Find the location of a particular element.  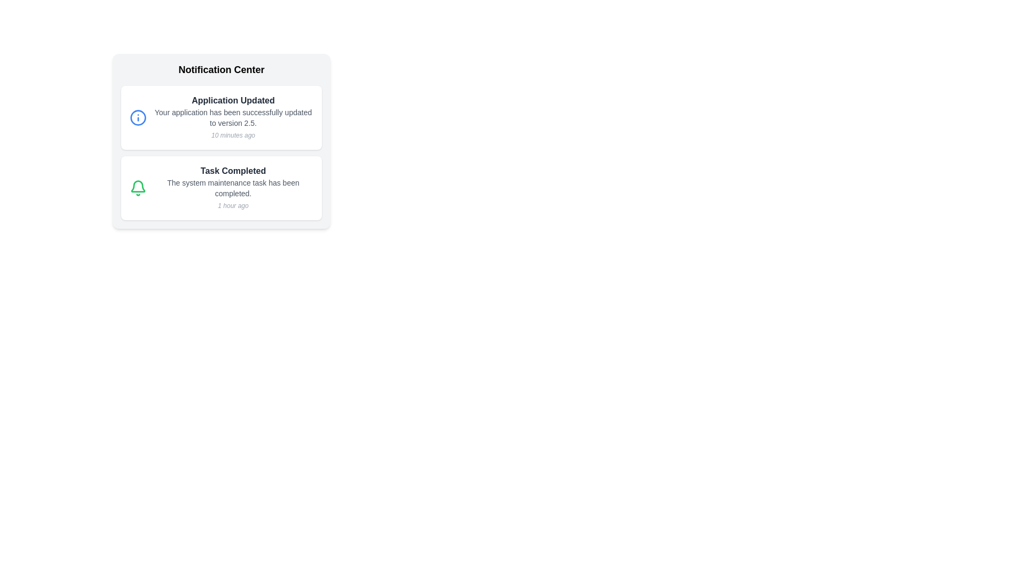

the text label that reads 'The system maintenance task has been completed.' which is located in the Notification Center, beneath the header 'Task Completed' is located at coordinates (232, 188).